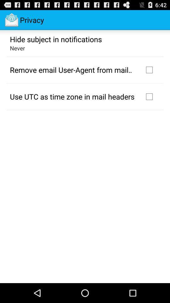 Image resolution: width=170 pixels, height=303 pixels. Describe the element at coordinates (72, 70) in the screenshot. I see `remove email user item` at that location.